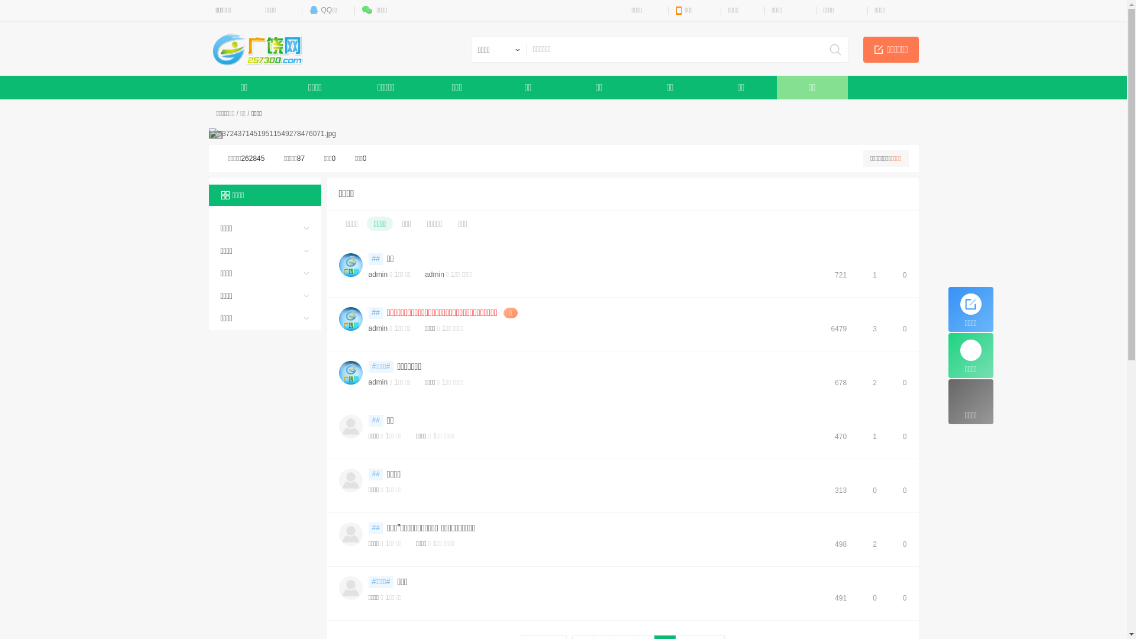 The width and height of the screenshot is (1136, 639). I want to click on '0', so click(899, 436).